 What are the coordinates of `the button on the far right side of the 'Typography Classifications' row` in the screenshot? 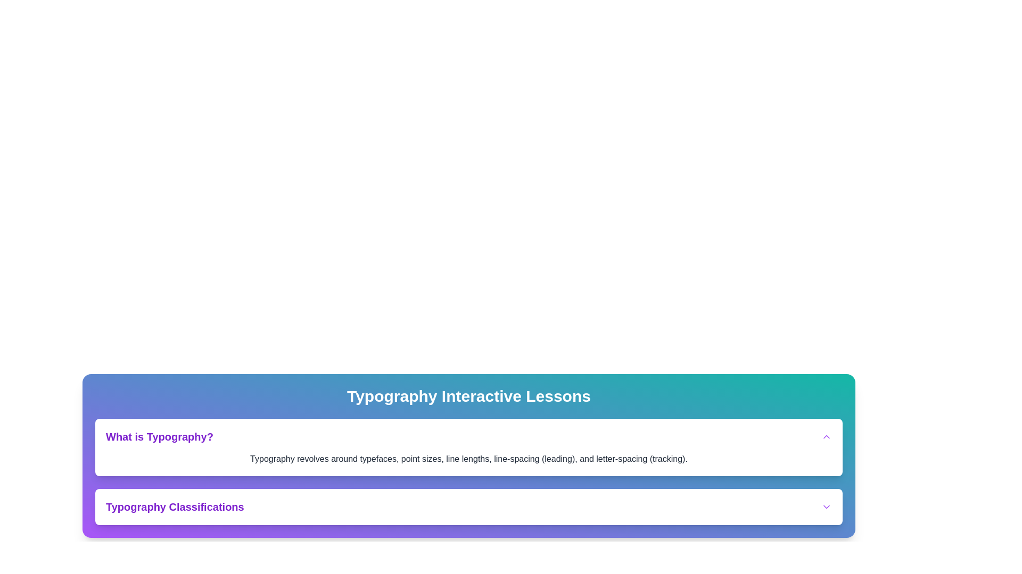 It's located at (826, 506).